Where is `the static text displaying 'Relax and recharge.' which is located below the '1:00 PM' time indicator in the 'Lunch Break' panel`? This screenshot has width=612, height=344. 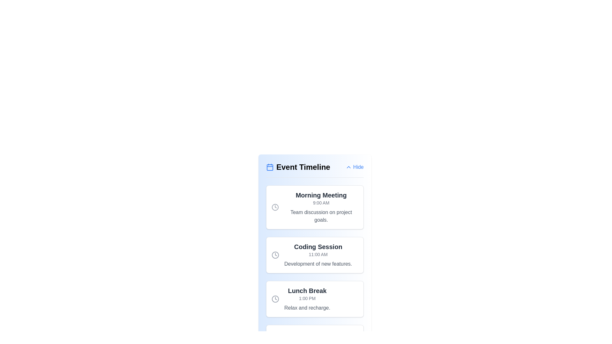 the static text displaying 'Relax and recharge.' which is located below the '1:00 PM' time indicator in the 'Lunch Break' panel is located at coordinates (307, 308).